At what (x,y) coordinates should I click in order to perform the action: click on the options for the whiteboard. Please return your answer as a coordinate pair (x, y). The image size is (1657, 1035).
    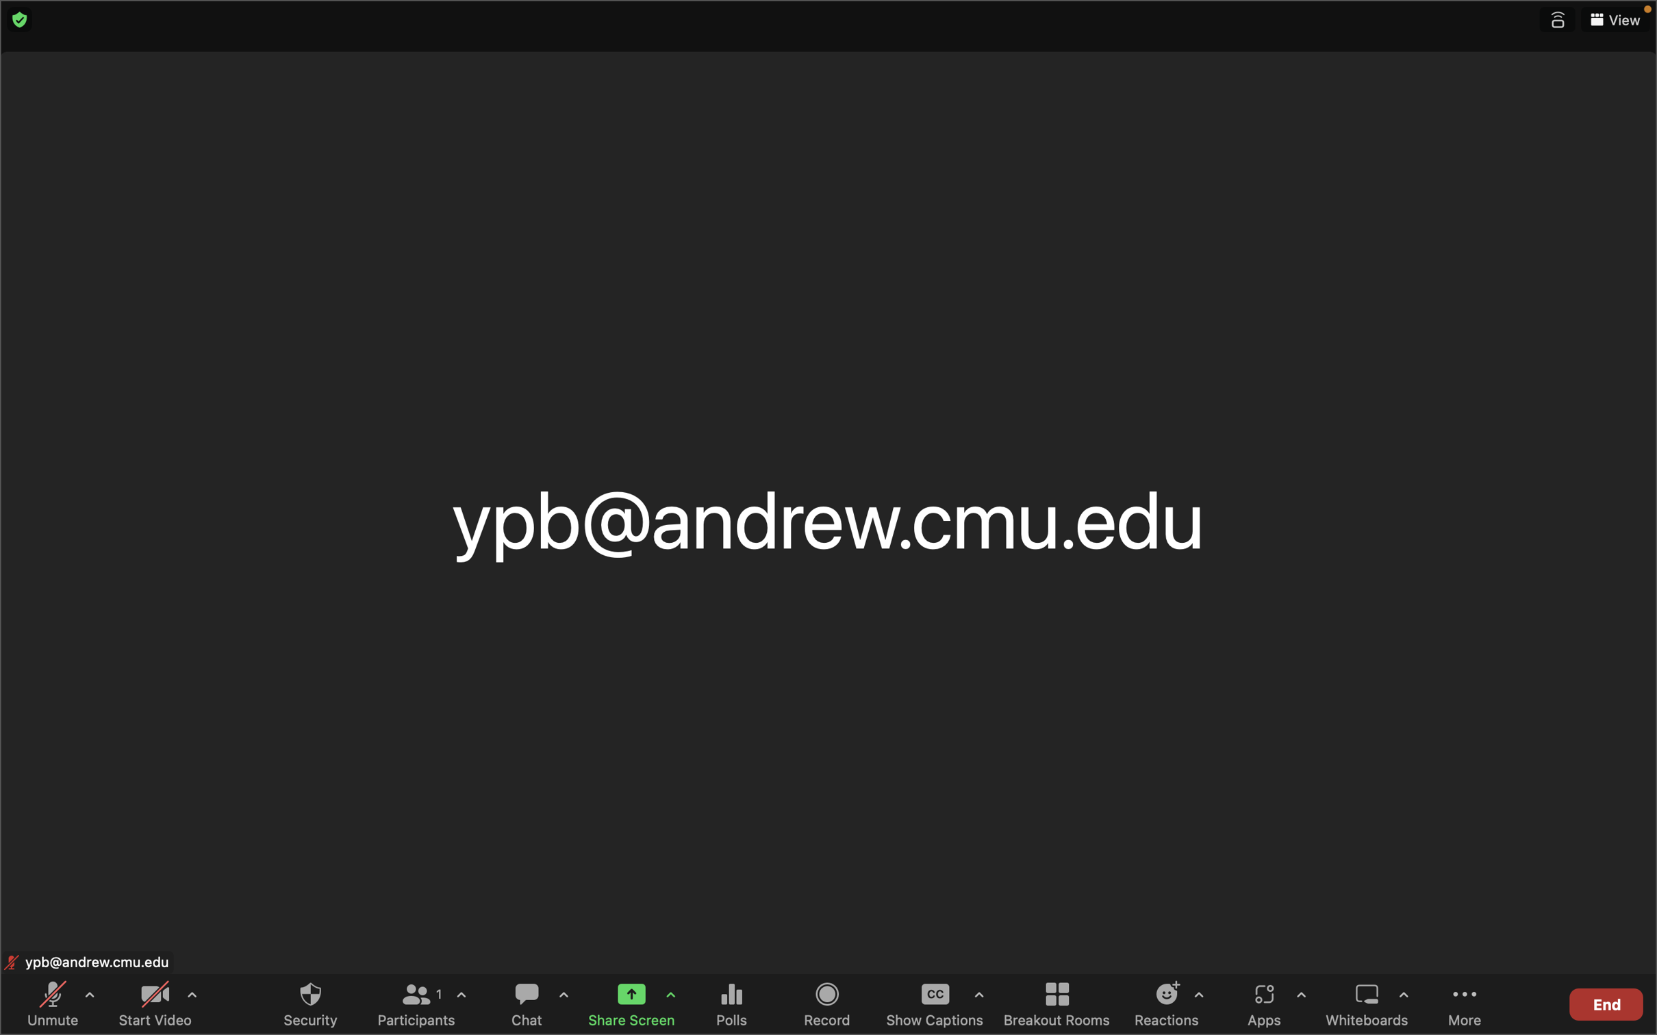
    Looking at the image, I should click on (1403, 1004).